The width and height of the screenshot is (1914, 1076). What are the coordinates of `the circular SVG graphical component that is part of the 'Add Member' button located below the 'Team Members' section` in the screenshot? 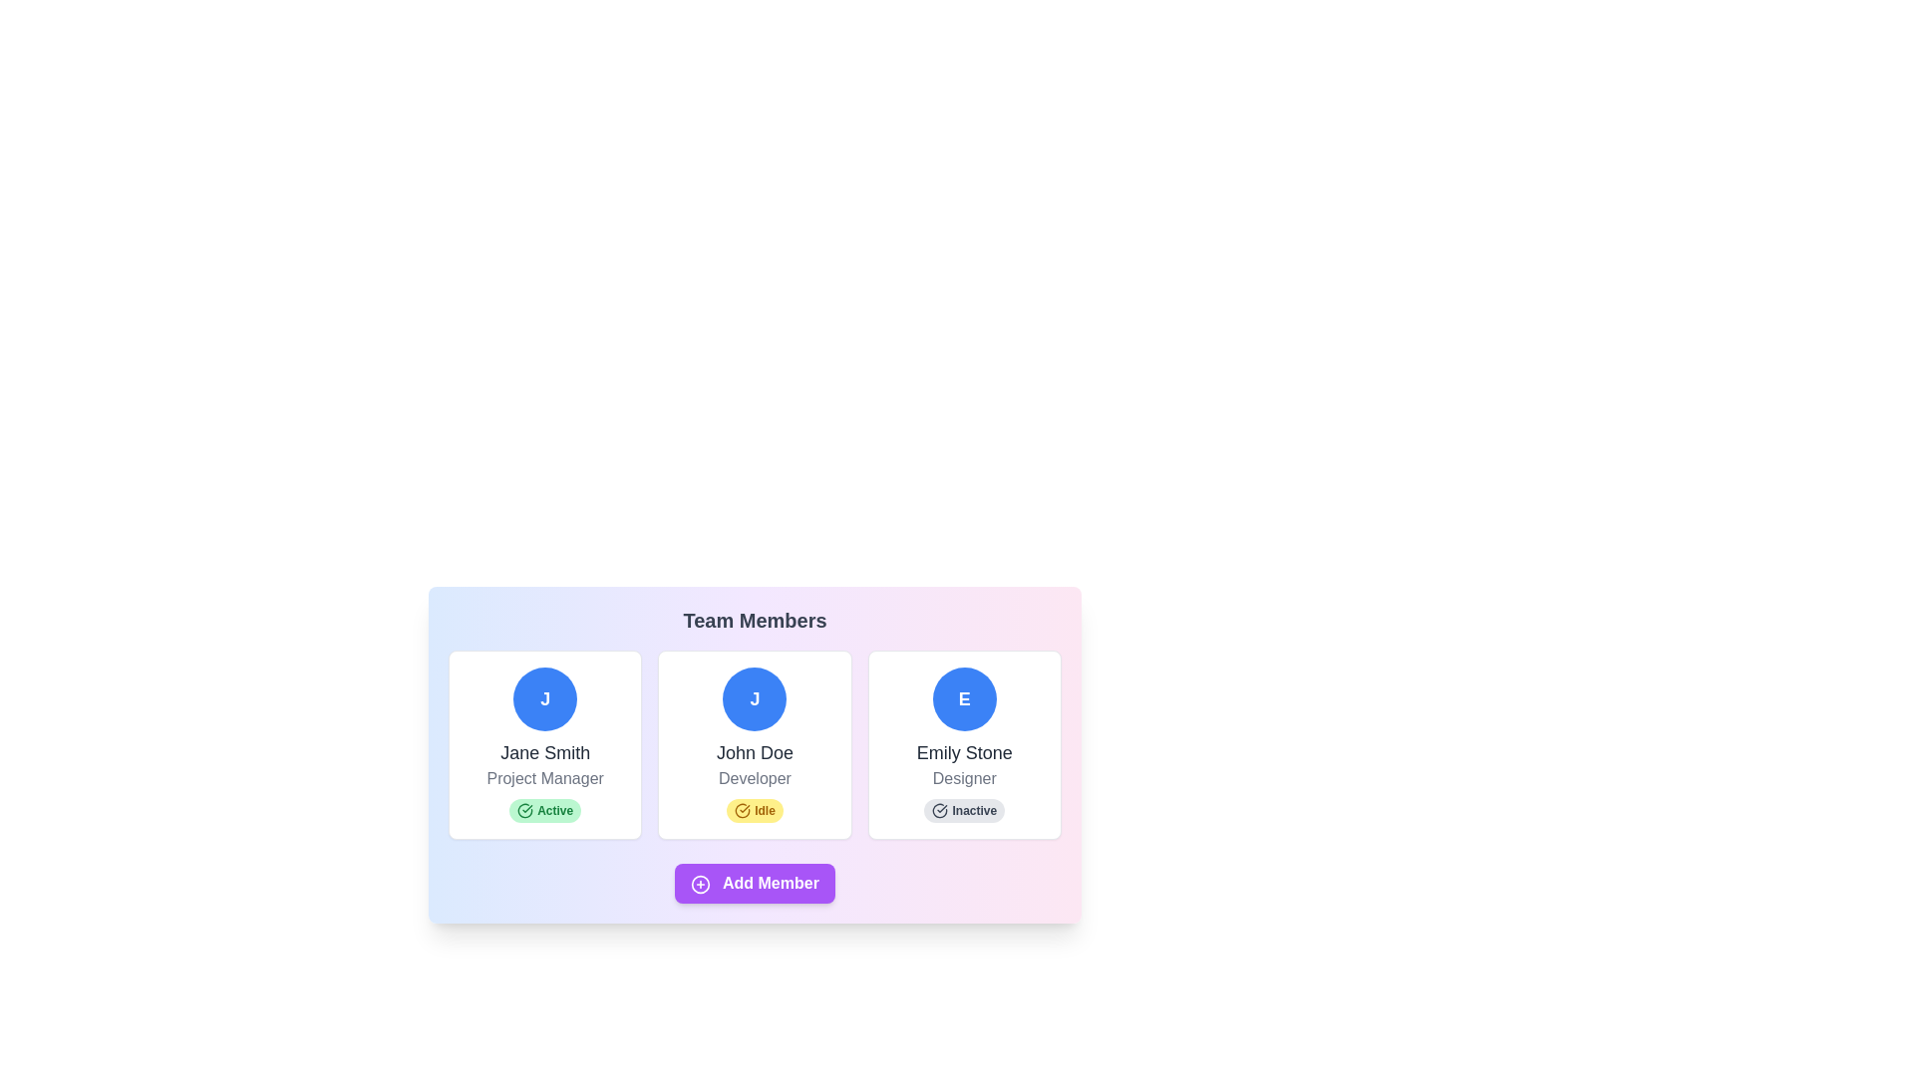 It's located at (701, 883).